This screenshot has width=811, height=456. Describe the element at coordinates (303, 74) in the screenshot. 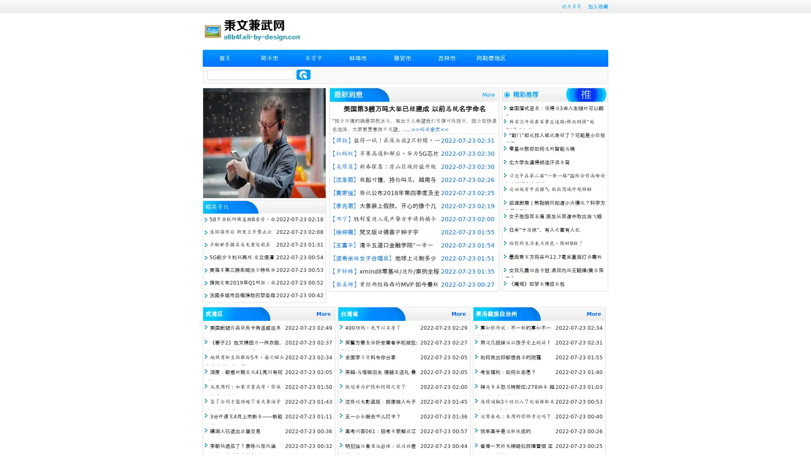

I see `Search` at that location.